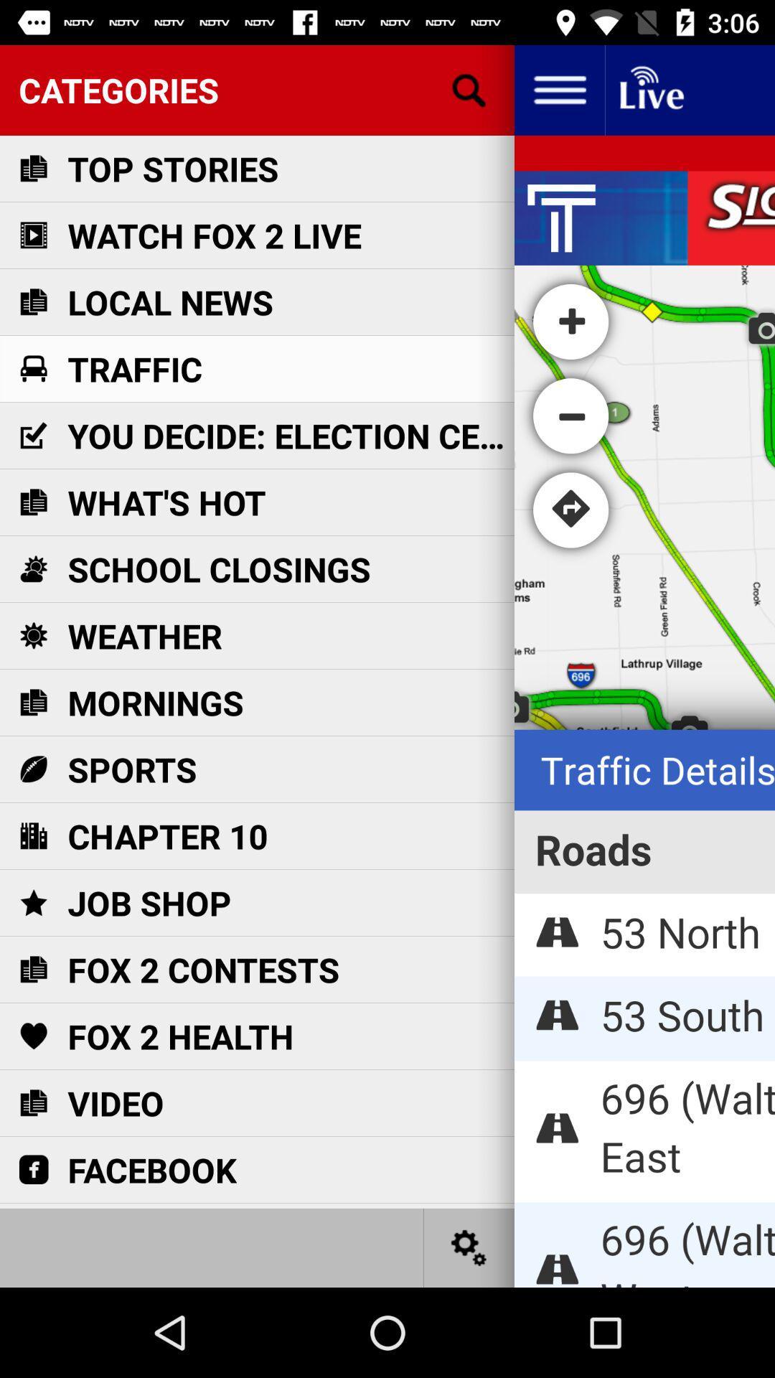 The width and height of the screenshot is (775, 1378). I want to click on menu, so click(558, 89).